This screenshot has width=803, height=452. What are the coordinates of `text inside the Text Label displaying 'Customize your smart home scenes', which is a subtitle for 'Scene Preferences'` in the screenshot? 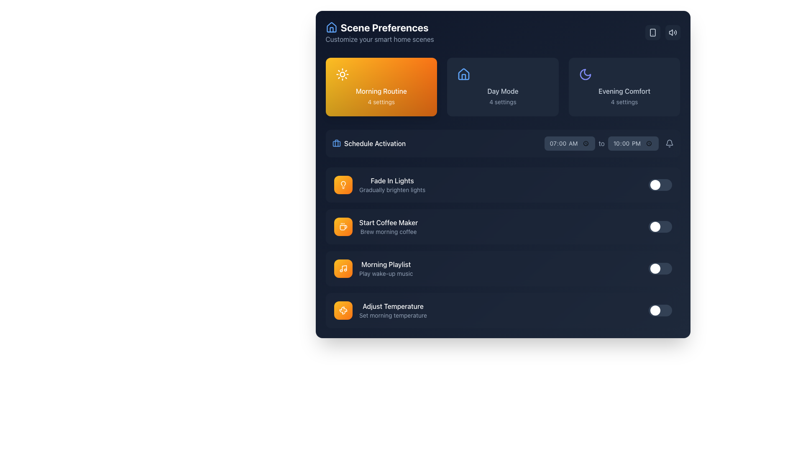 It's located at (379, 39).